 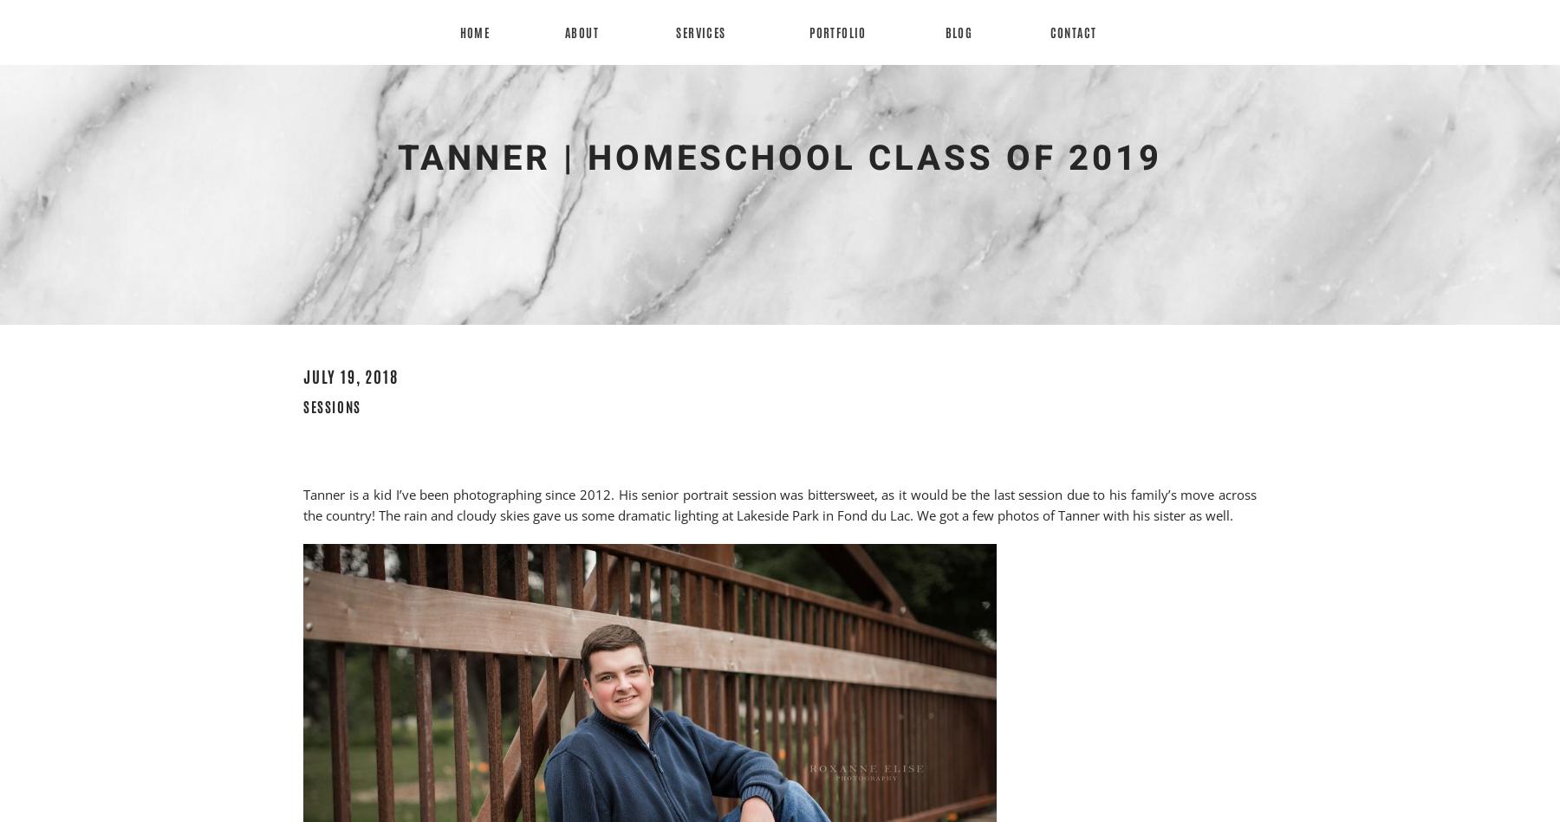 I want to click on 'SERVICES', so click(x=700, y=32).